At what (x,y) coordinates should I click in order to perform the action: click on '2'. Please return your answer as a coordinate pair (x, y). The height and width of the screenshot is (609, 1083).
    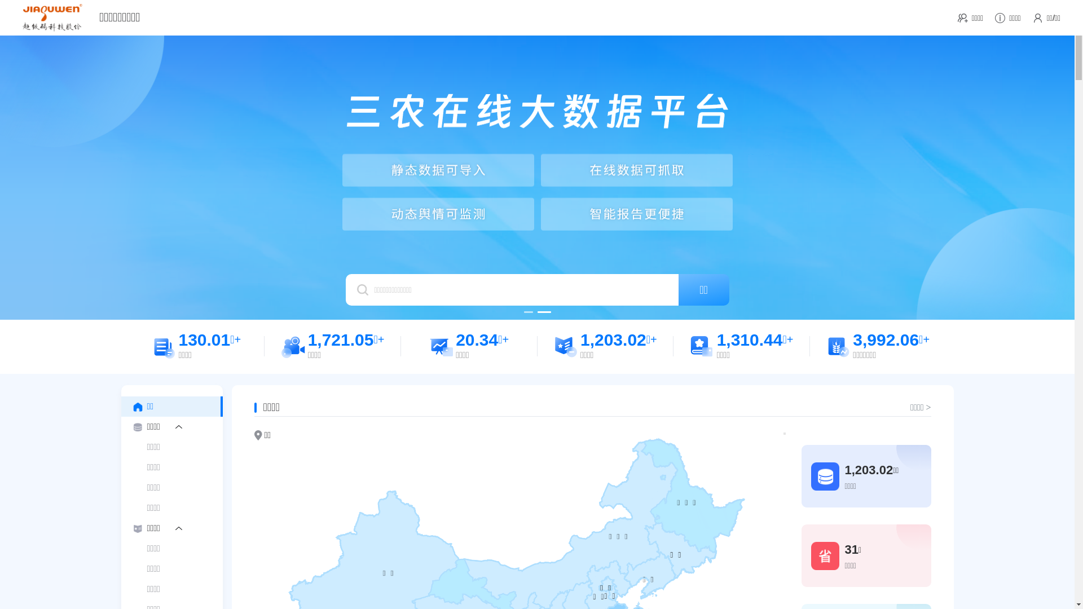
    Looking at the image, I should click on (544, 312).